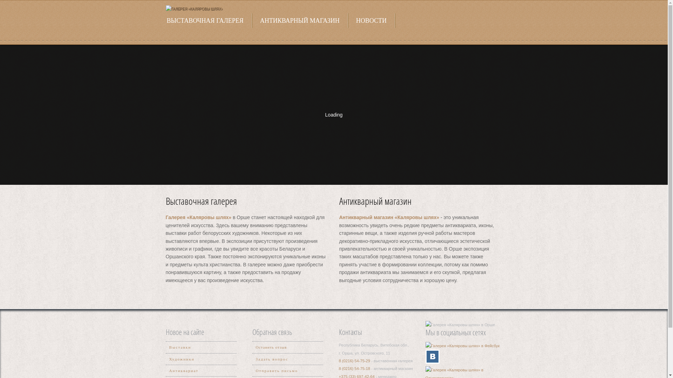 Image resolution: width=673 pixels, height=378 pixels. I want to click on '8 (0216) 54-75-29', so click(354, 360).